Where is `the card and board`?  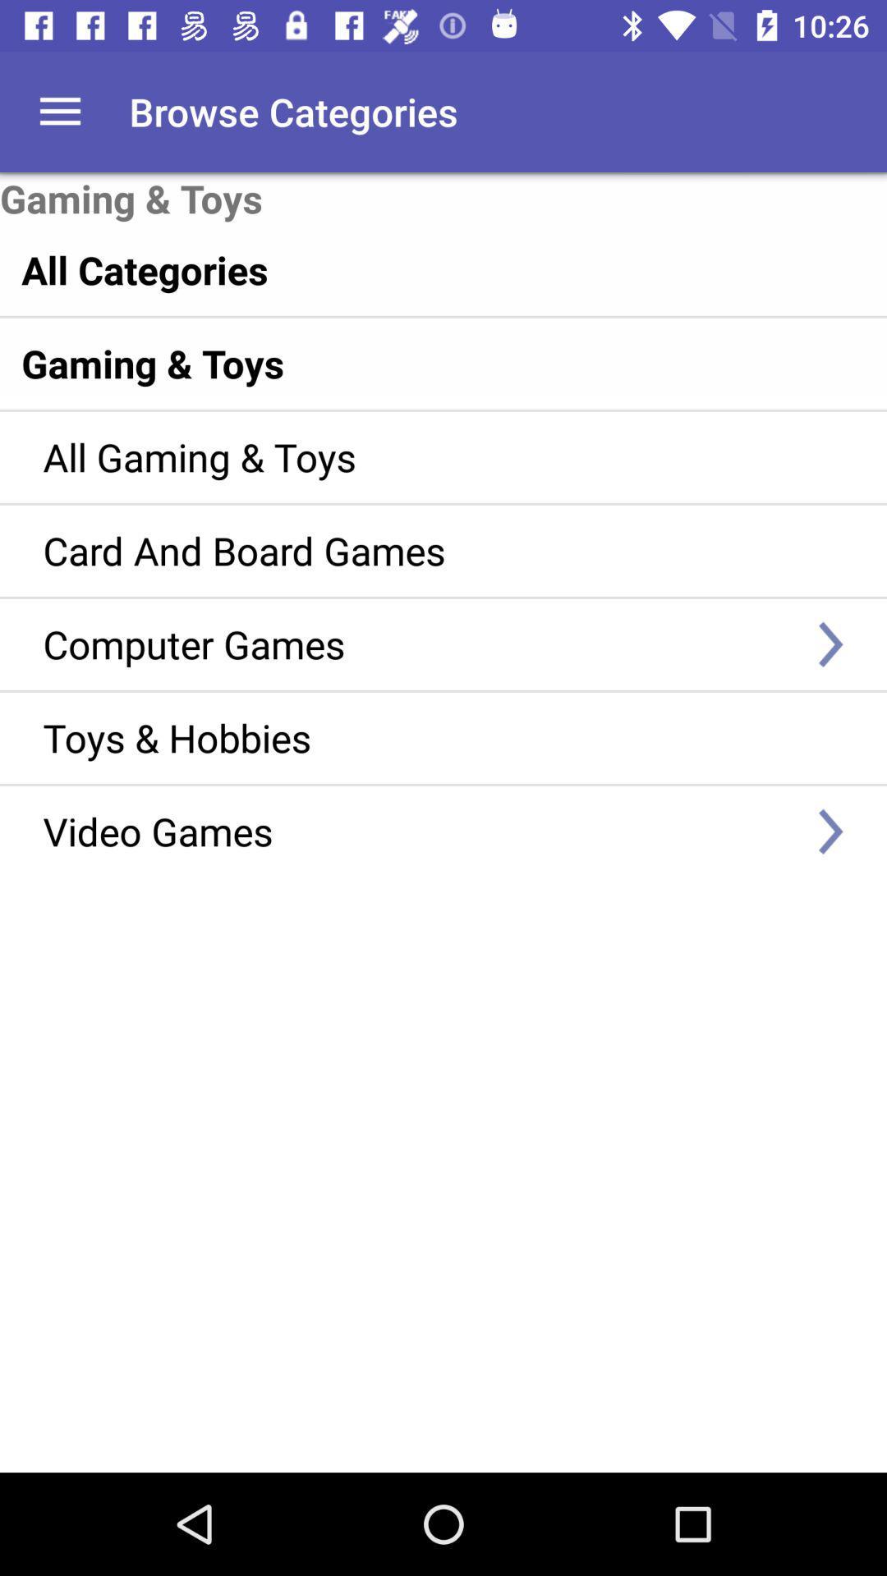 the card and board is located at coordinates (419, 550).